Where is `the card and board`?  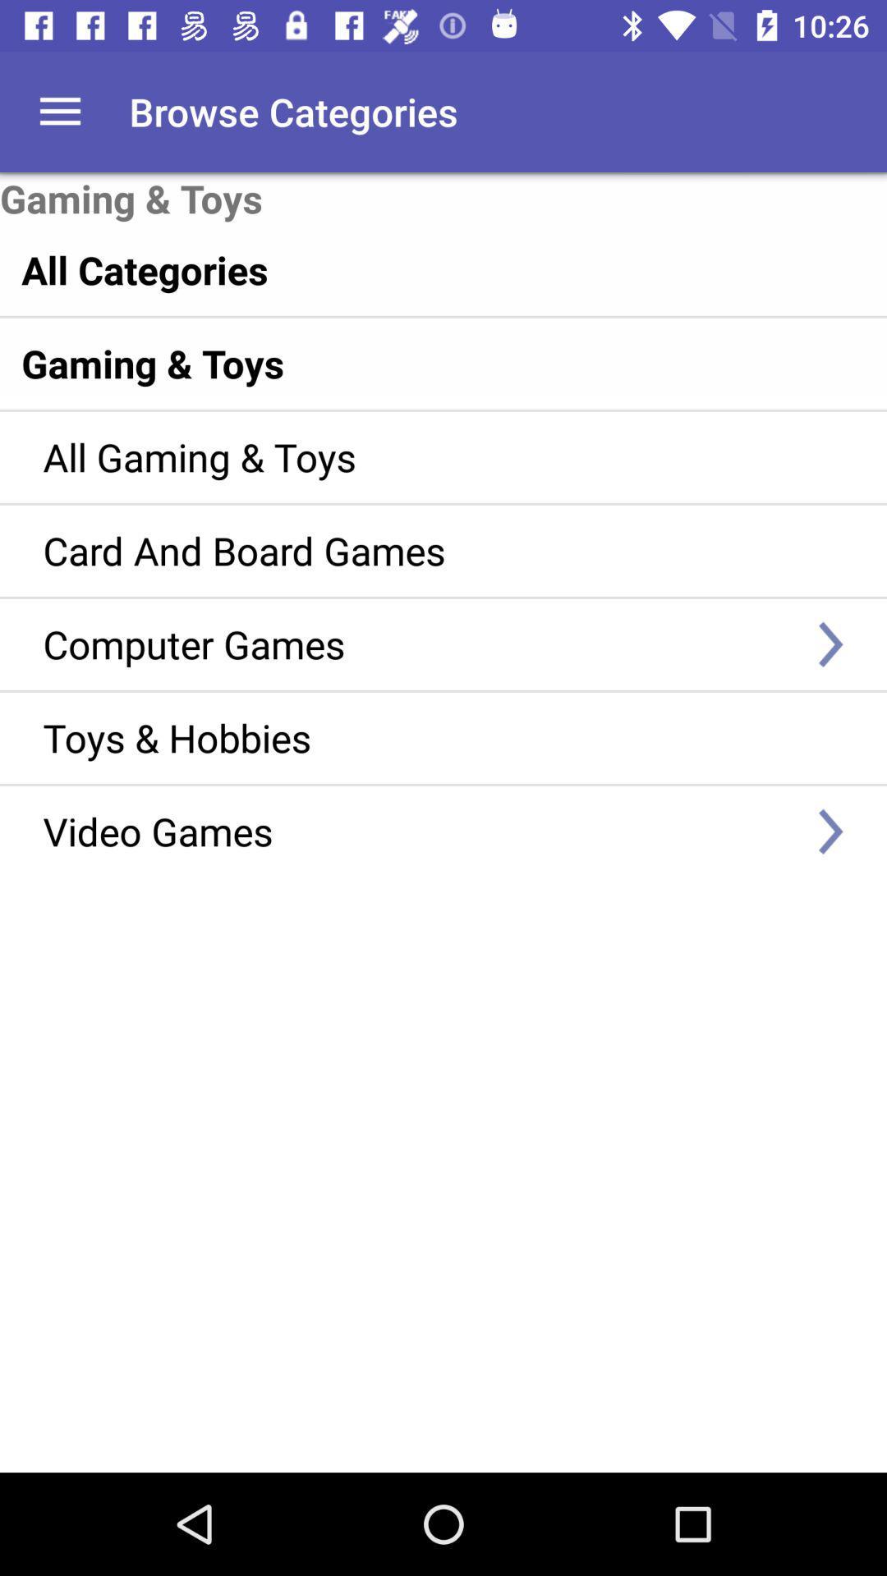 the card and board is located at coordinates (419, 550).